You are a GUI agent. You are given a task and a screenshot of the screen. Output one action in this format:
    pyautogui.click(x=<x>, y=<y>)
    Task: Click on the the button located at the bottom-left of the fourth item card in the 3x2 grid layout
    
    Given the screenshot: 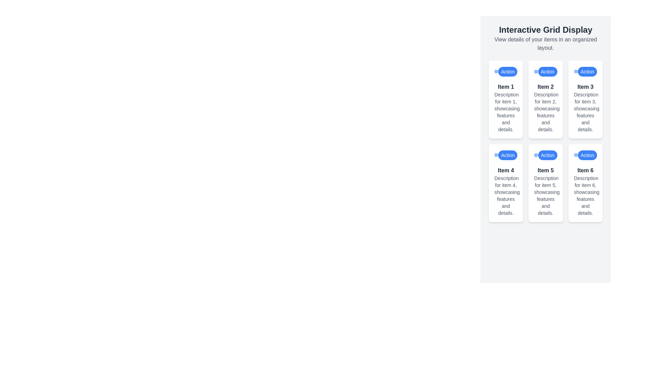 What is the action you would take?
    pyautogui.click(x=508, y=155)
    